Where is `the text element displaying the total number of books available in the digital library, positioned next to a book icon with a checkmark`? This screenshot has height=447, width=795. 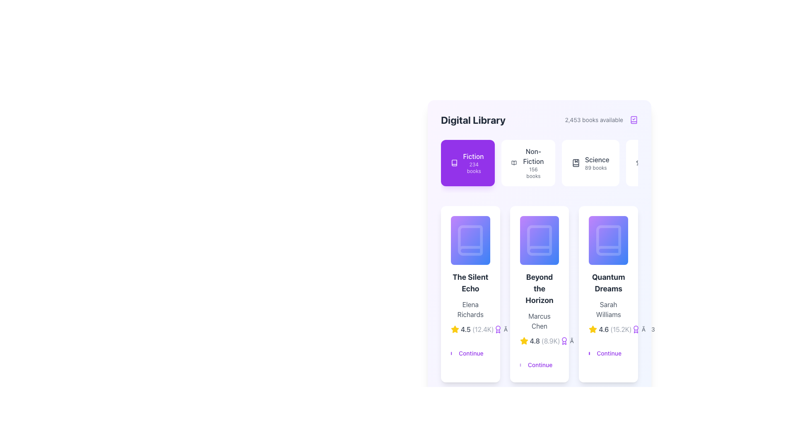
the text element displaying the total number of books available in the digital library, positioned next to a book icon with a checkmark is located at coordinates (593, 120).